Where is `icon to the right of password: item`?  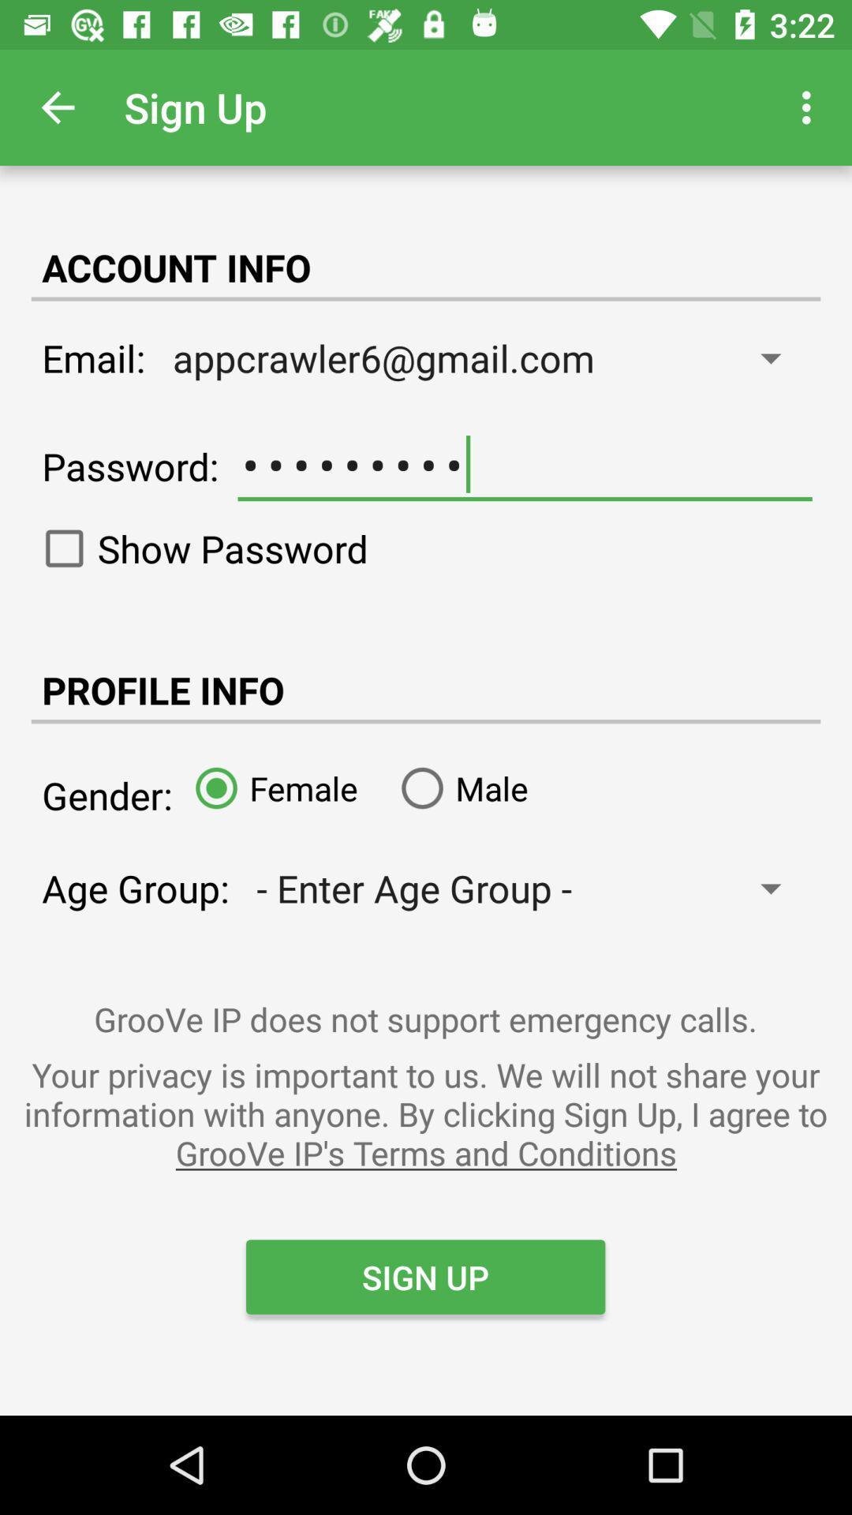
icon to the right of password: item is located at coordinates (525, 464).